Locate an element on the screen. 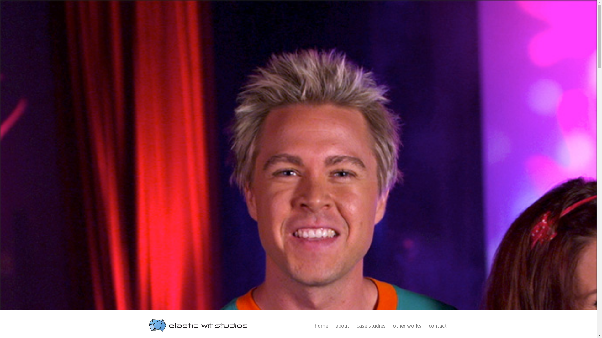 The height and width of the screenshot is (338, 602). 'about' is located at coordinates (341, 325).